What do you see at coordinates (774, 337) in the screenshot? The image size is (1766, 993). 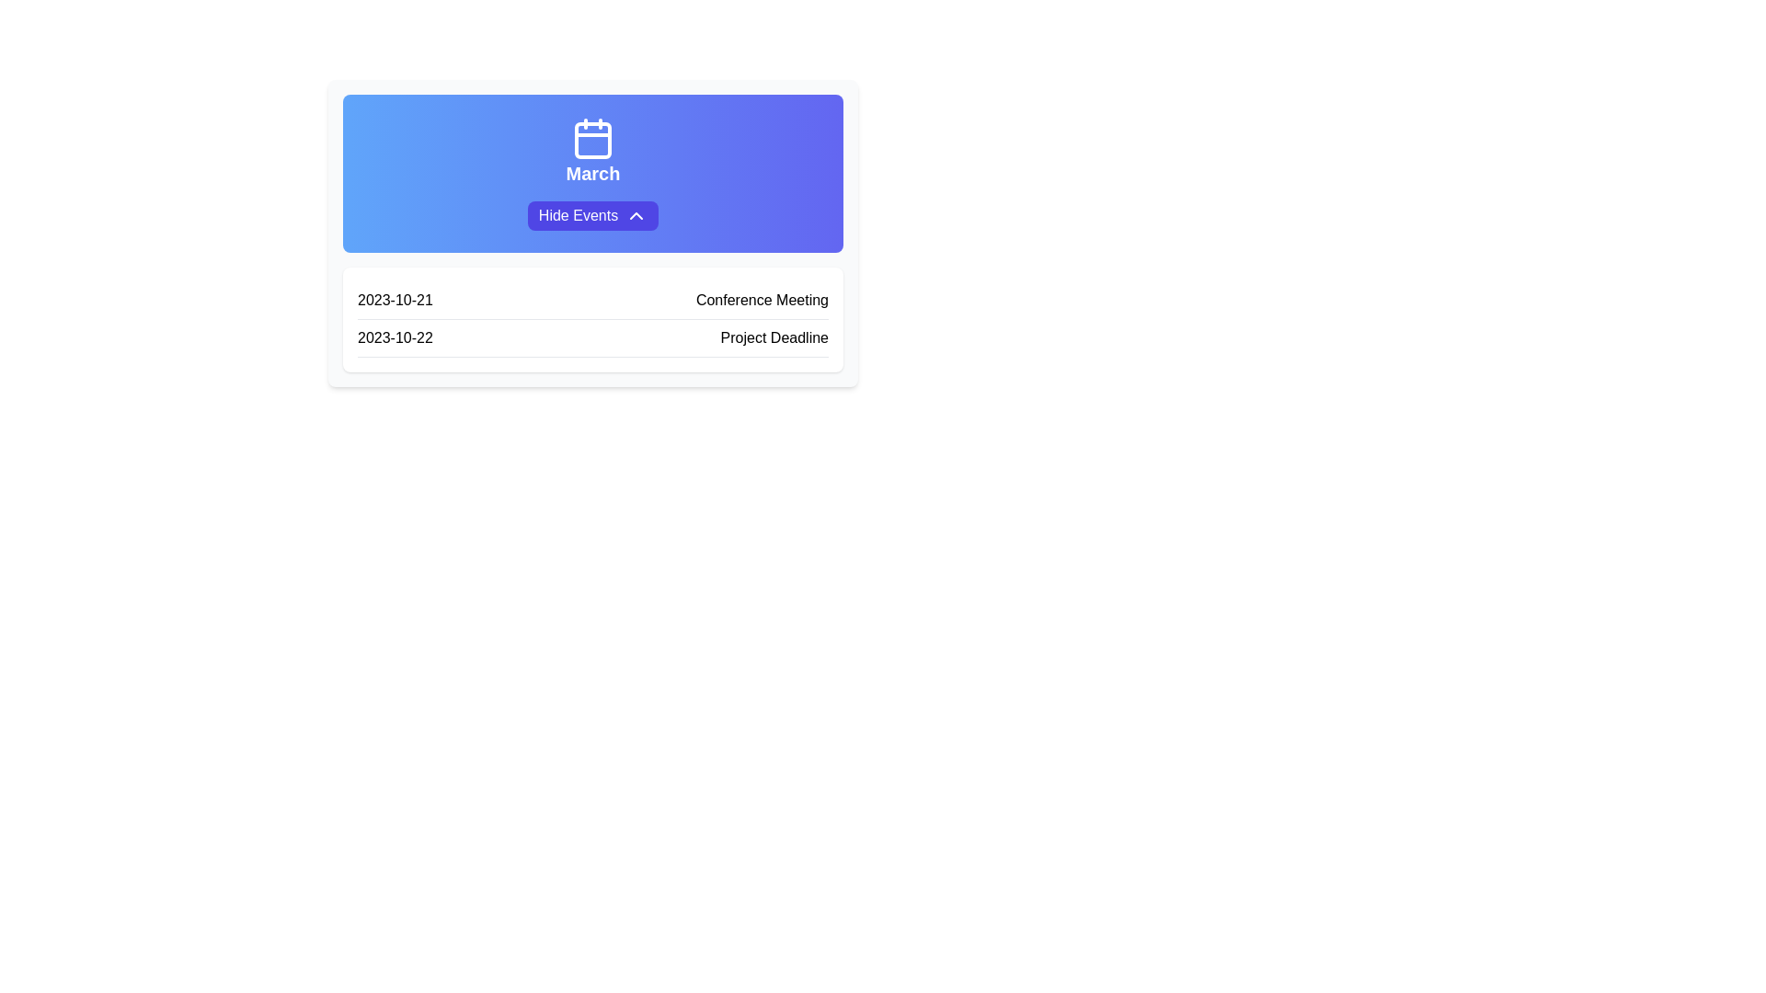 I see `the 'Project Deadline' text label` at bounding box center [774, 337].